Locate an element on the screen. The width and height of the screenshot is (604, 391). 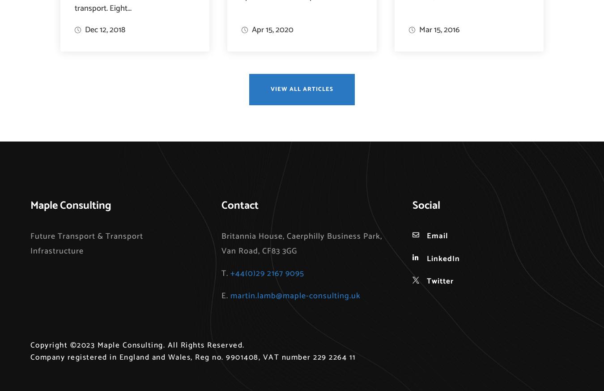
'Company registered in England and Wales, Reg no. 9901408, VAT number 229 2264 11' is located at coordinates (193, 357).